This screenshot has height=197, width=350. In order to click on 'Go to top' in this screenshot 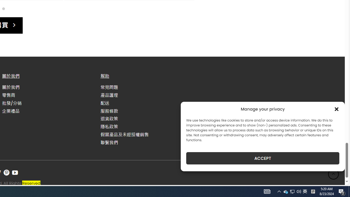, I will do `click(333, 174)`.